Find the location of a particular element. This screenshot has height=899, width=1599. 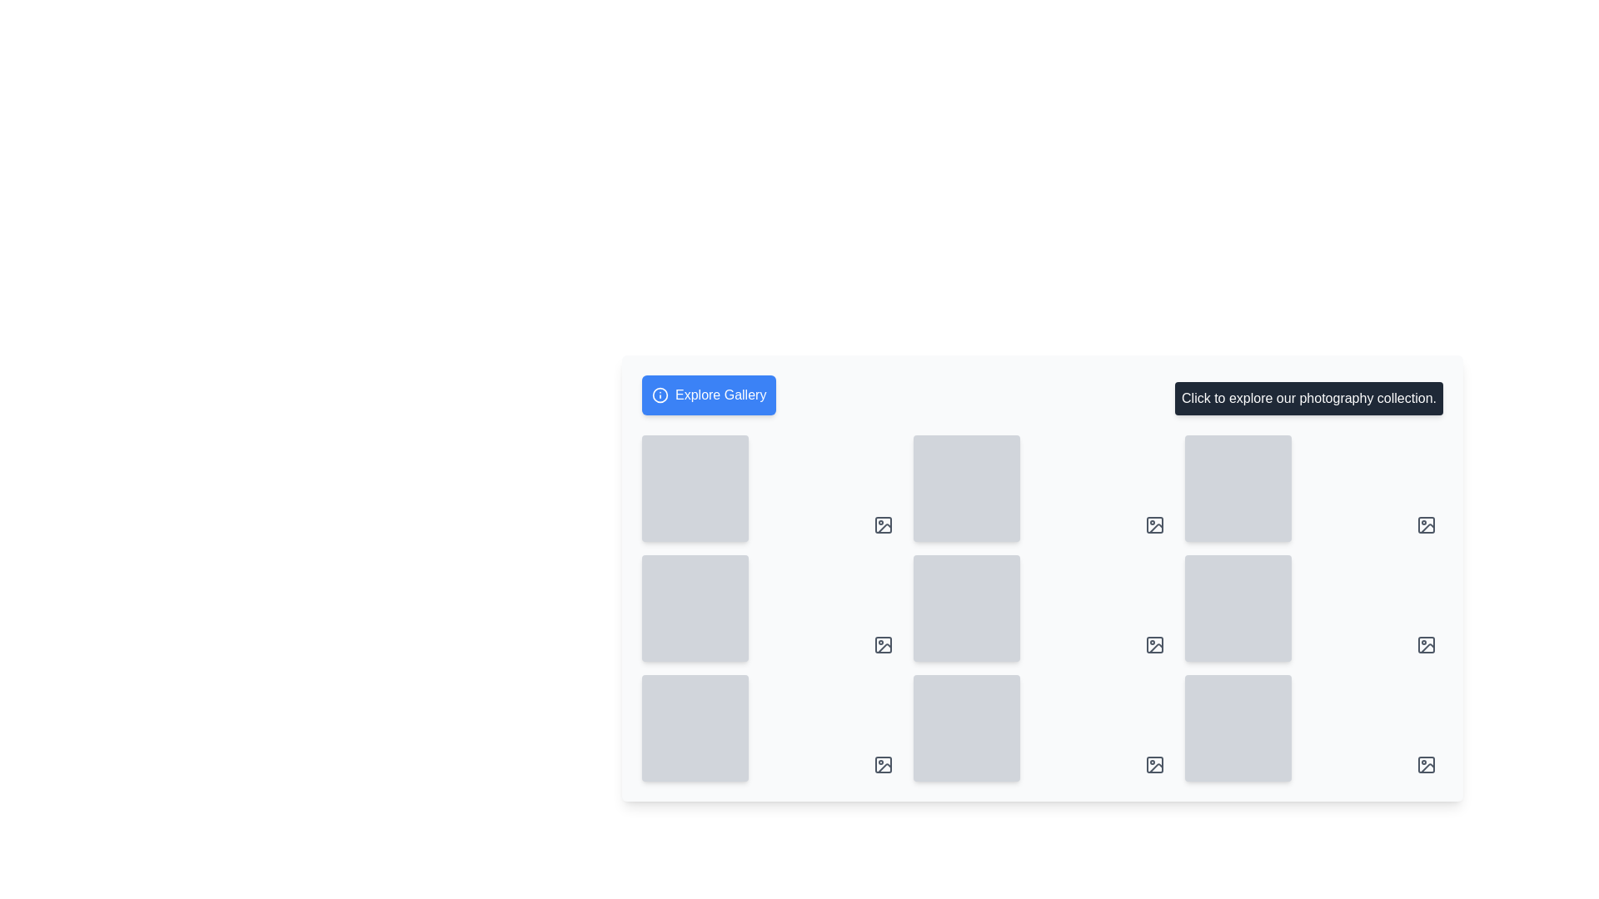

the second tile in the leftmost vertical column of tiles, which serves as a placeholder for displaying content is located at coordinates (695, 608).